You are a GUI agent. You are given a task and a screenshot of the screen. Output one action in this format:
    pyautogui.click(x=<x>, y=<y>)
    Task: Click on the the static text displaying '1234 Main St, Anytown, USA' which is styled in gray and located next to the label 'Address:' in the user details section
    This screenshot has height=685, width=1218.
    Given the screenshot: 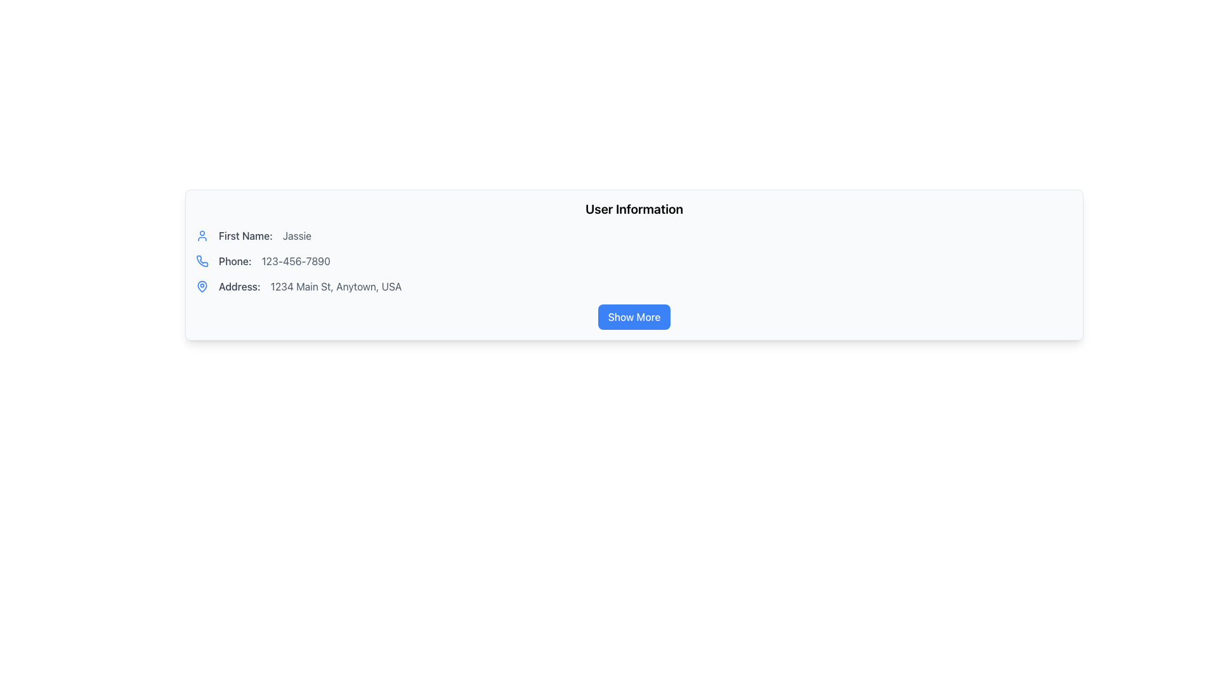 What is the action you would take?
    pyautogui.click(x=336, y=286)
    